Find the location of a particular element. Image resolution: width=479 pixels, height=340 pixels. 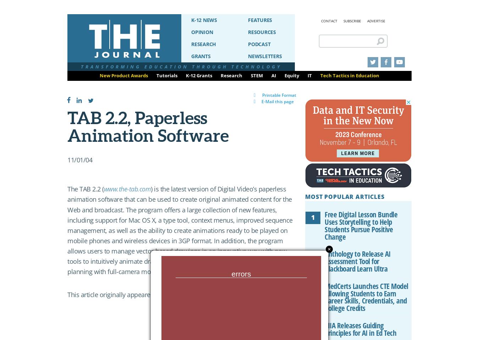

'11/01/2004' is located at coordinates (173, 294).